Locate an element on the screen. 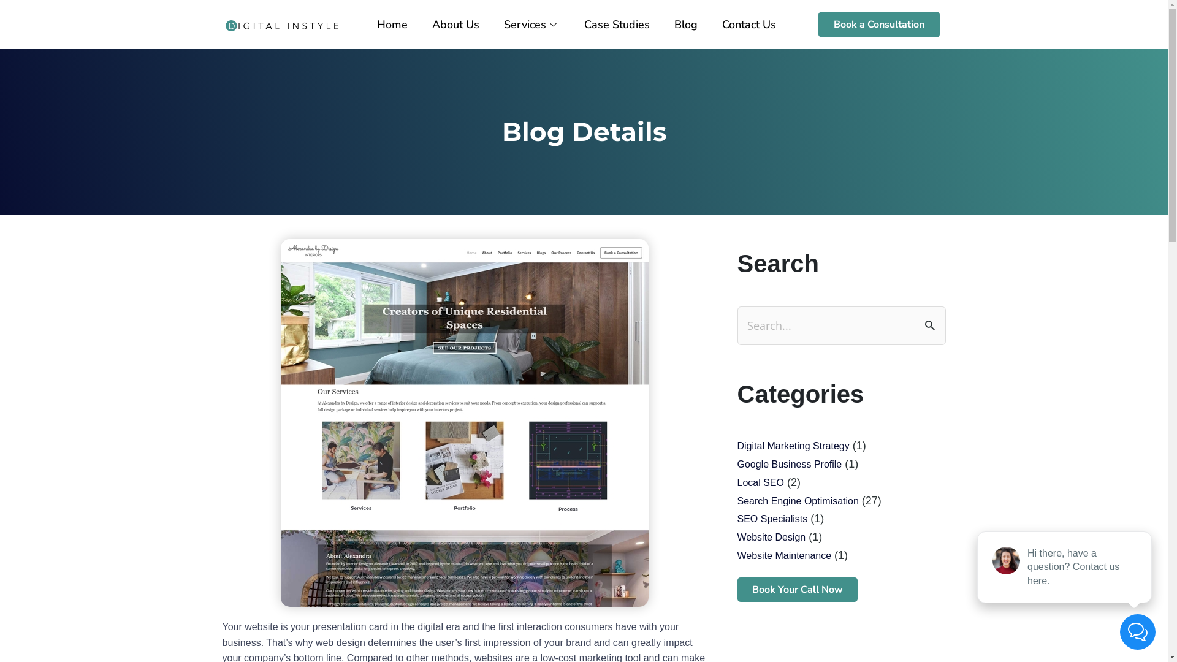 Image resolution: width=1177 pixels, height=662 pixels. 'Search' is located at coordinates (932, 324).